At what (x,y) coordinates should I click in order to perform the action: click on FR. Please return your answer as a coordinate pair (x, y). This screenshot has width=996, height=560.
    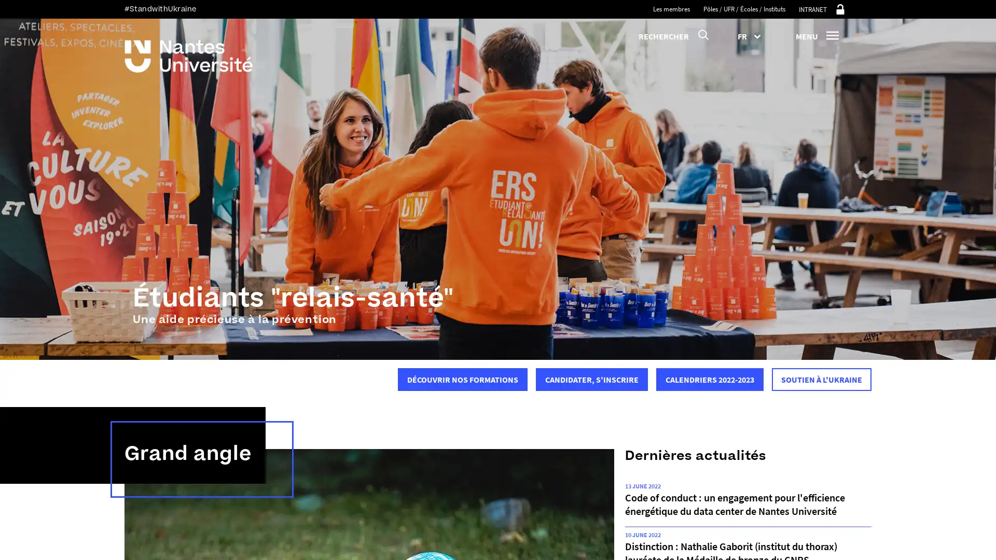
    Looking at the image, I should click on (752, 35).